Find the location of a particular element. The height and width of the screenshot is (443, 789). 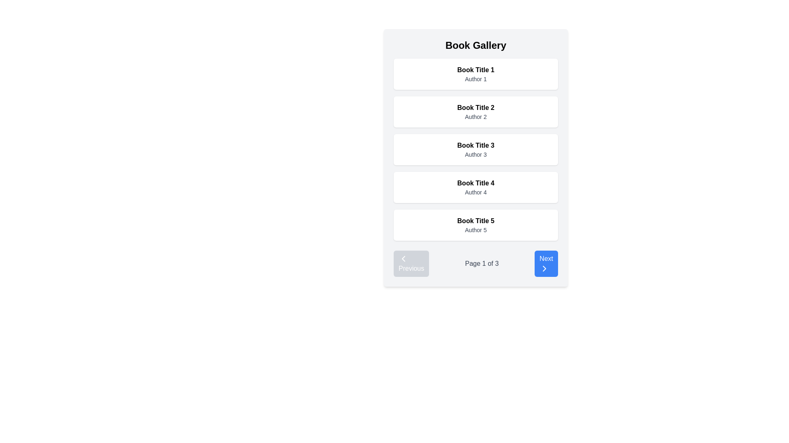

the author information text label for the book 'Book Title 4' located in the fourth card from the top, situated directly underneath the book title is located at coordinates (475, 192).